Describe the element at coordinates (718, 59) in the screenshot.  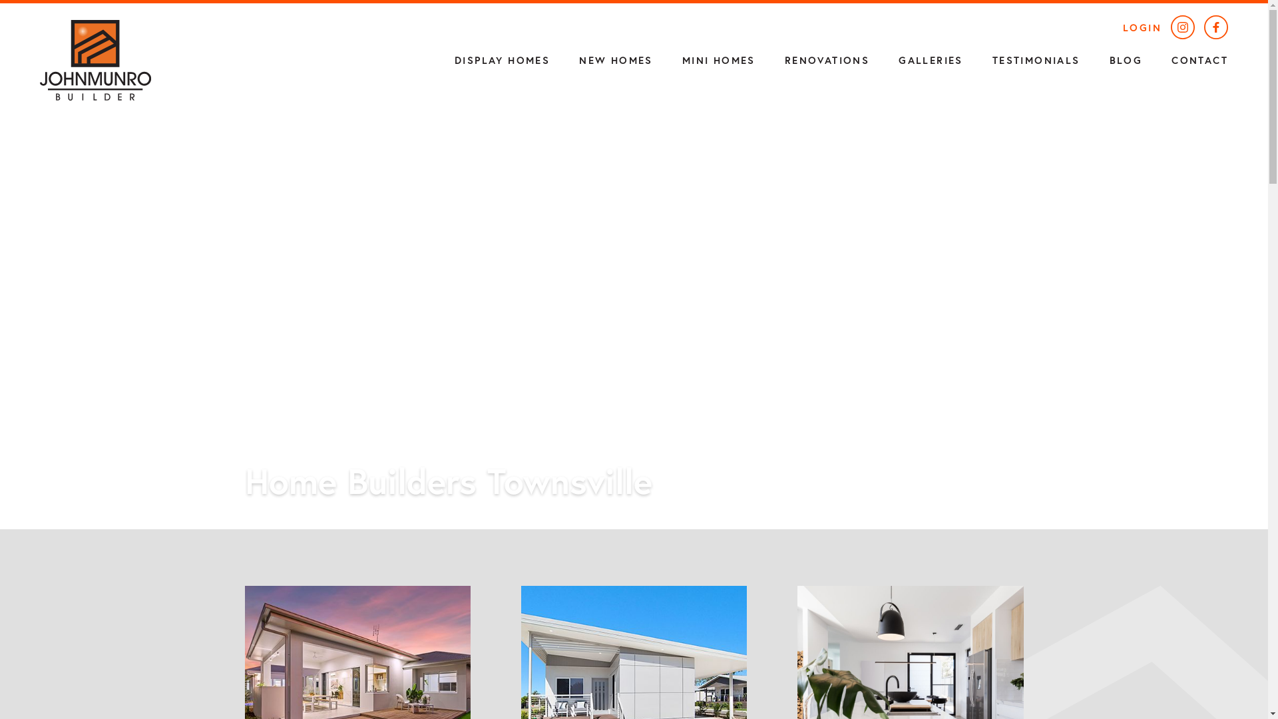
I see `'MINI HOMES'` at that location.